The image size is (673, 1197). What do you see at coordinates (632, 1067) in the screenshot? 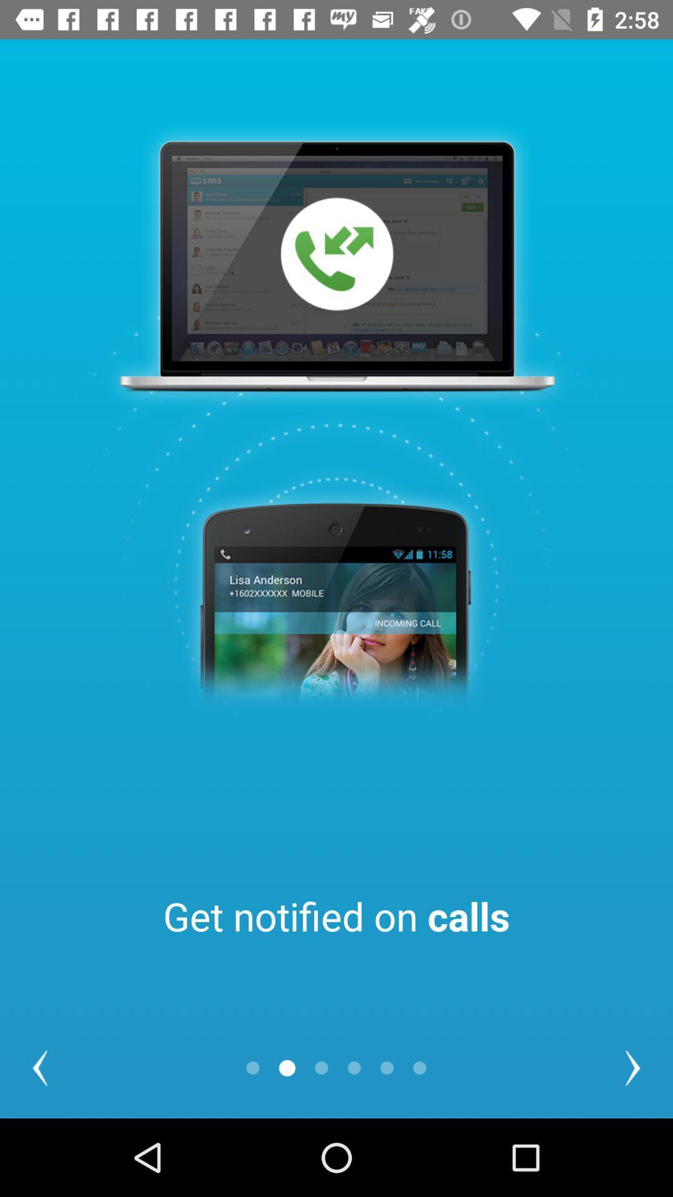
I see `the arrow_forward icon` at bounding box center [632, 1067].